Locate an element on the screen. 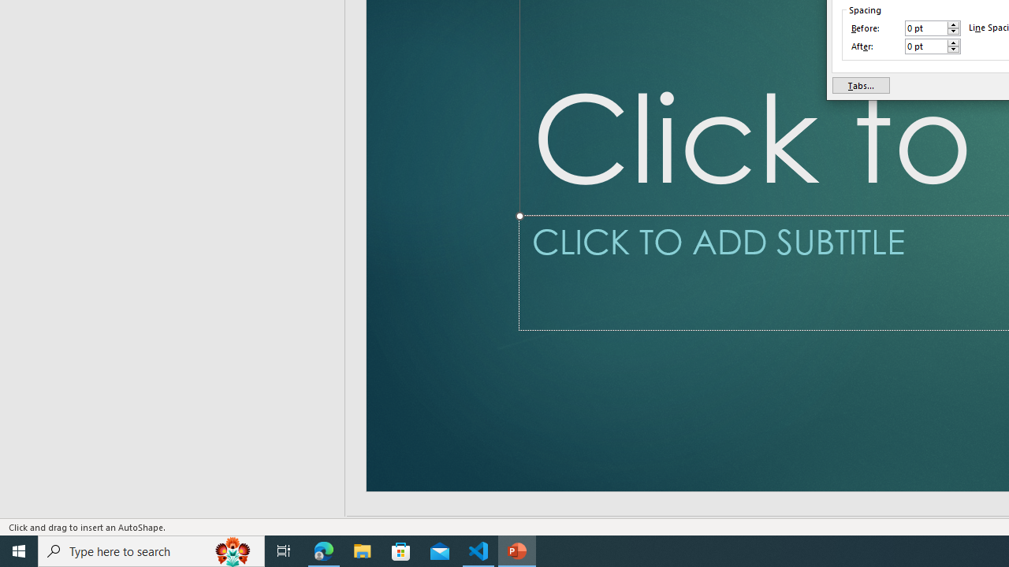 The width and height of the screenshot is (1009, 567). 'PowerPoint - 1 running window' is located at coordinates (517, 550).